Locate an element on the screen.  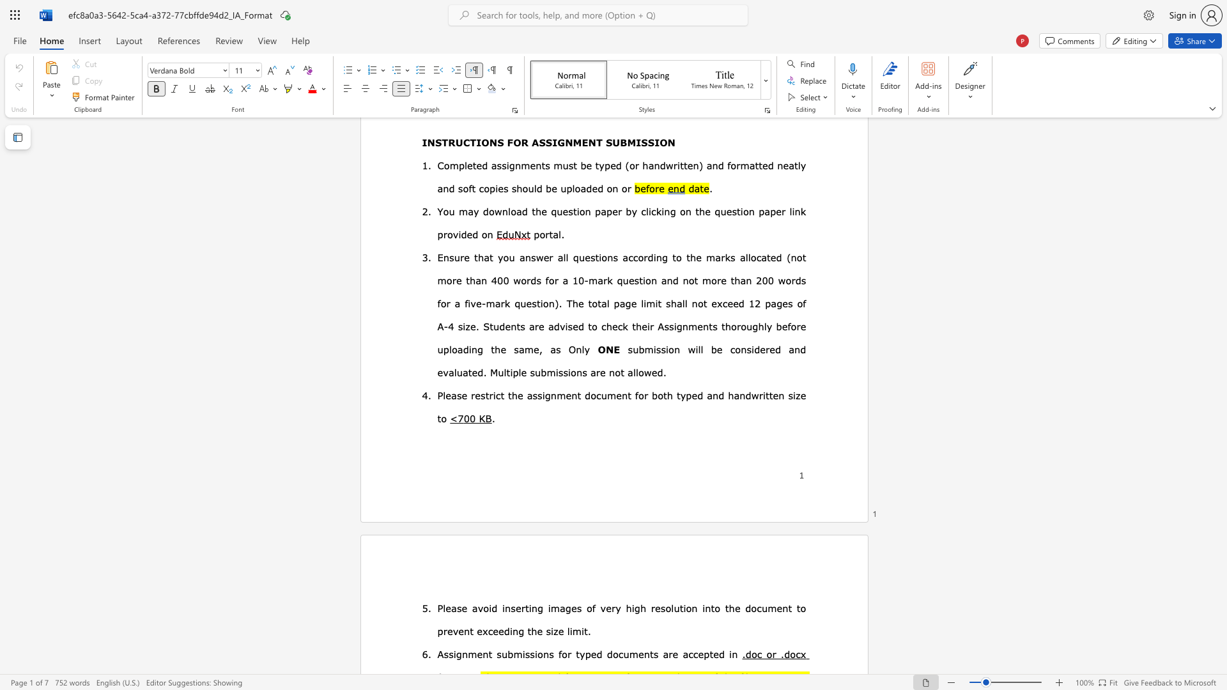
the subset text "ed" within the text "are accepted in" is located at coordinates (713, 654).